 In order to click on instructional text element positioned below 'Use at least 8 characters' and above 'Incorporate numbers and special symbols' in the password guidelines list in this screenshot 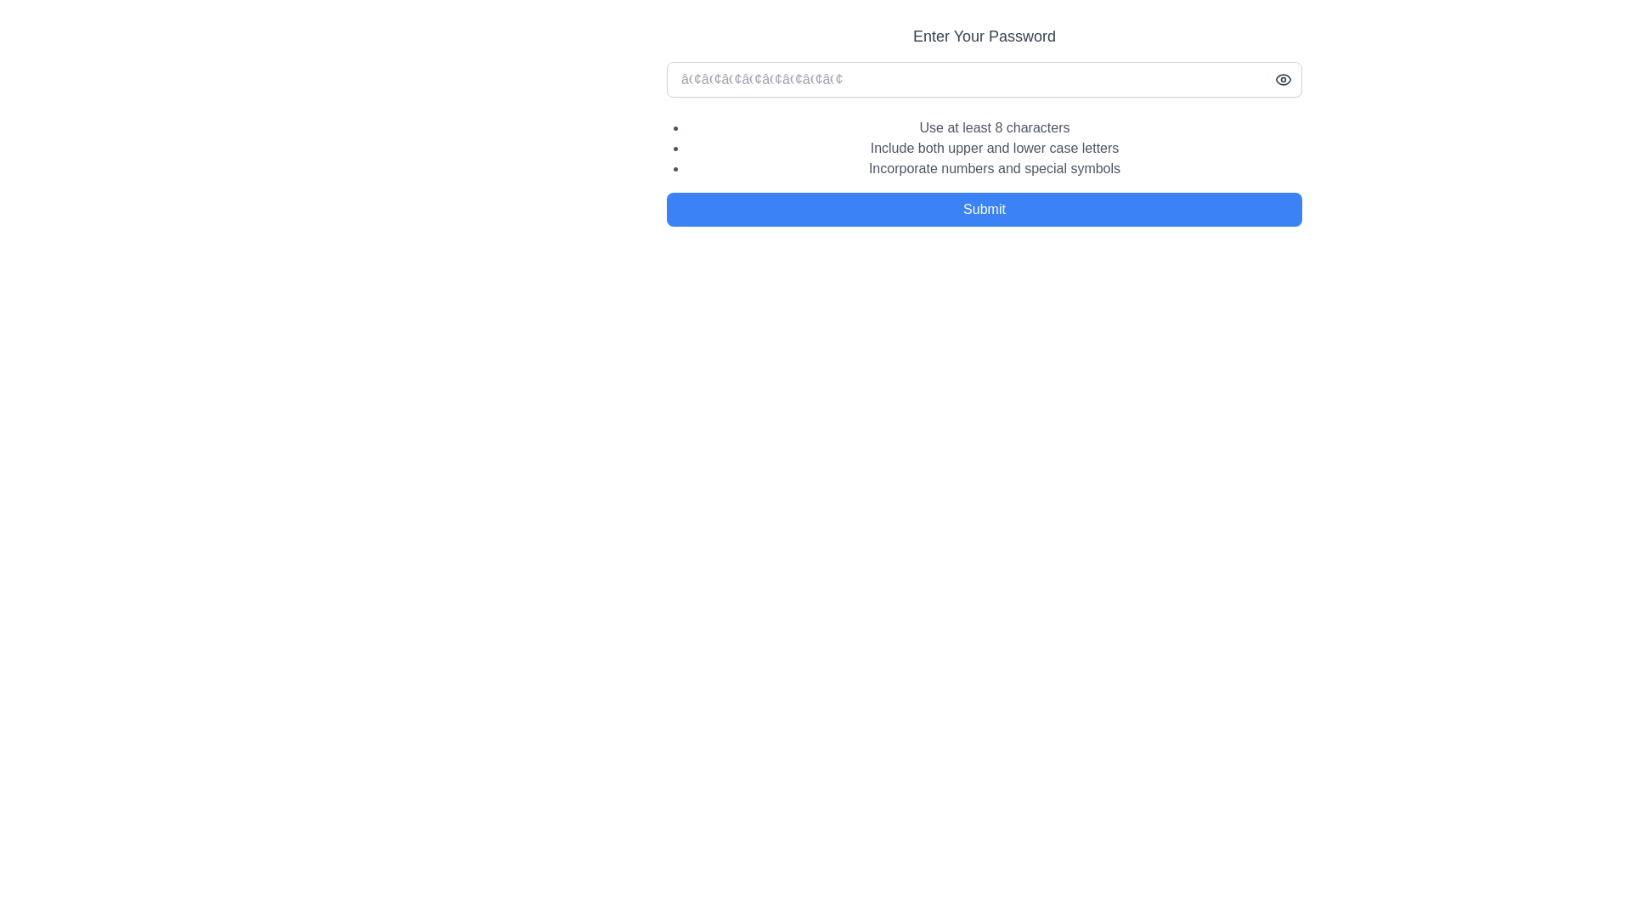, I will do `click(995, 147)`.